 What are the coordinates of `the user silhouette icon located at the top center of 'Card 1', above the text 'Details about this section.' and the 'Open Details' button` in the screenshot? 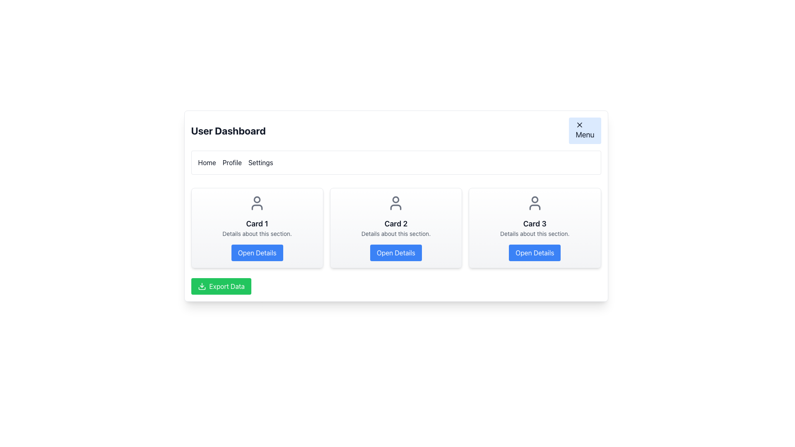 It's located at (257, 203).